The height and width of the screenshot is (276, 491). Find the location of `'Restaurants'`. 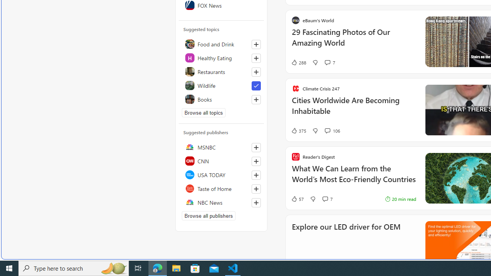

'Restaurants' is located at coordinates (221, 71).